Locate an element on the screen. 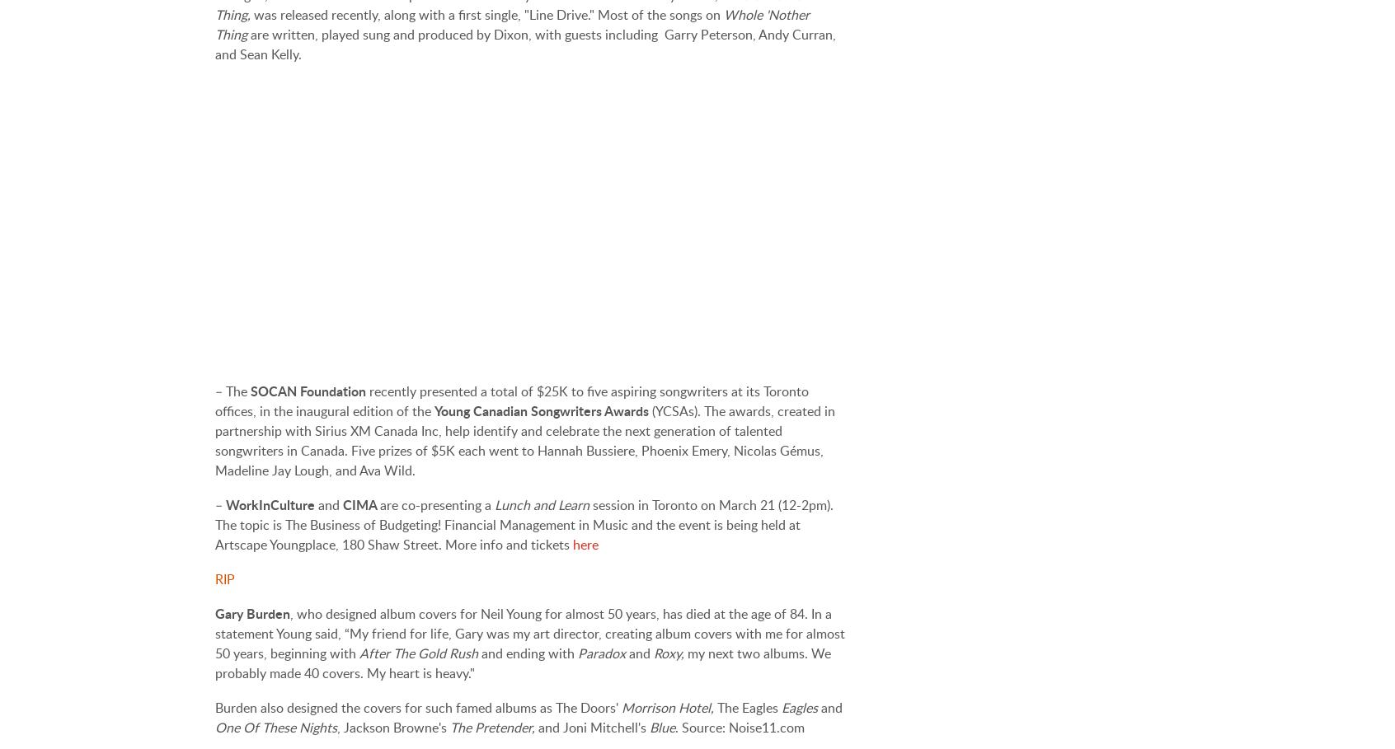  'Burden also designed the covers for such famed albums as The Doors'' is located at coordinates (418, 707).